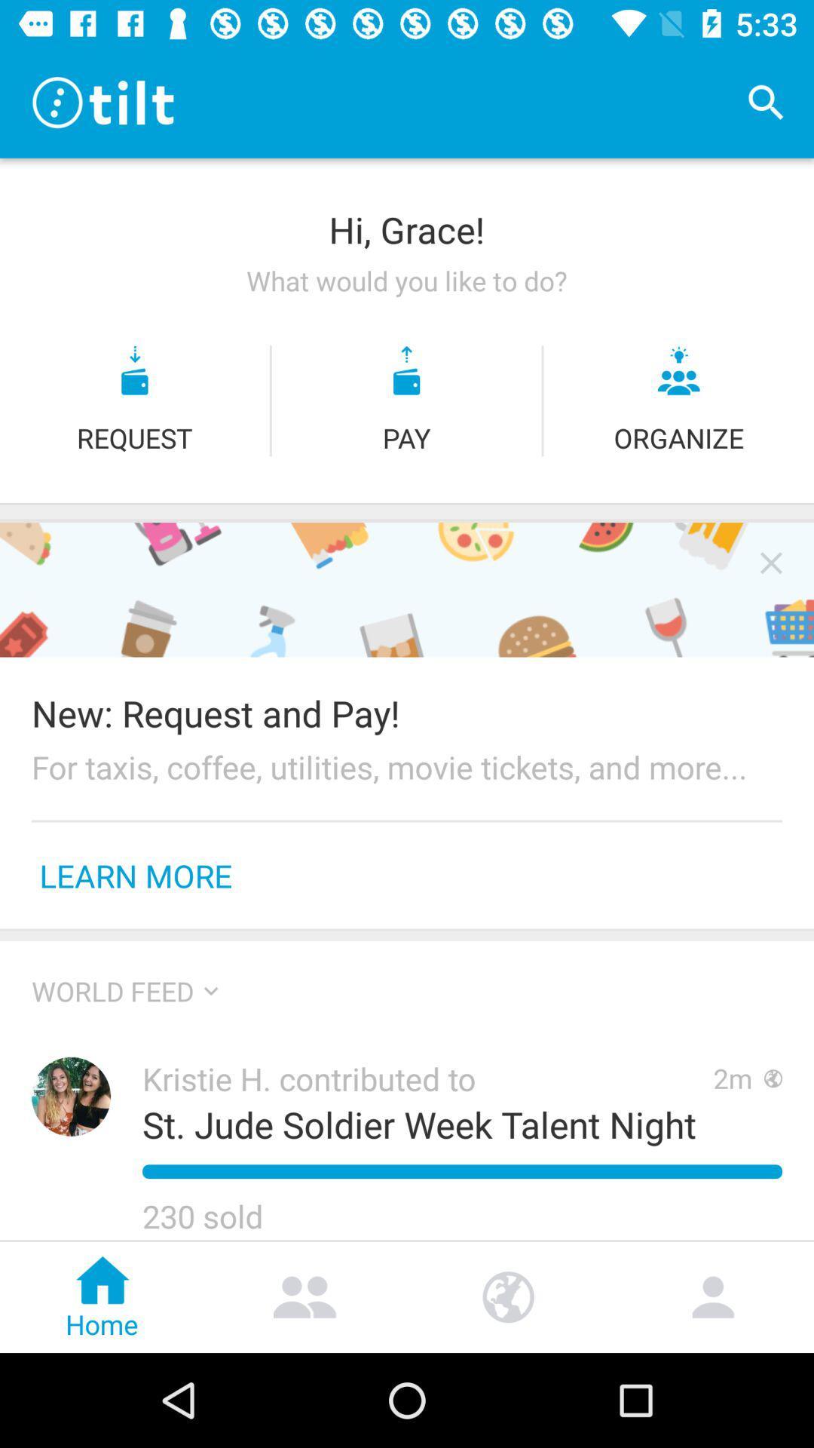 This screenshot has height=1448, width=814. Describe the element at coordinates (427, 1078) in the screenshot. I see `the item to the left of 2m` at that location.